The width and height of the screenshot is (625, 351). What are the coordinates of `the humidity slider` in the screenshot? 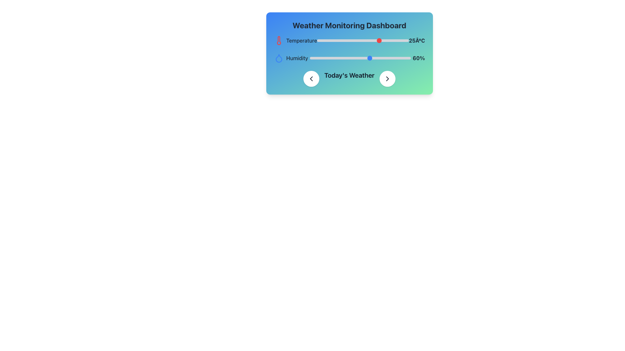 It's located at (320, 58).